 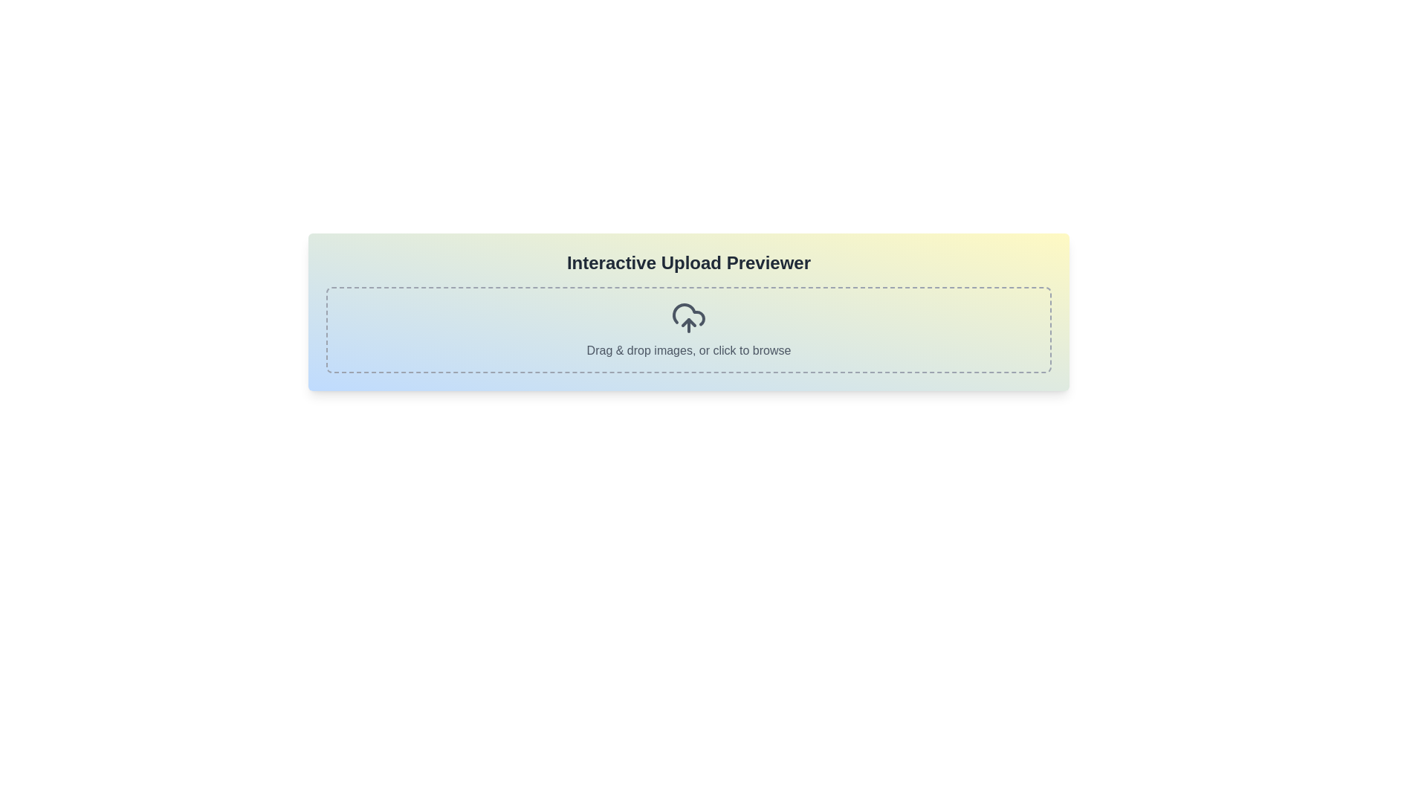 What do you see at coordinates (687, 317) in the screenshot?
I see `the outlined cloud icon with an upward-pointing arrow, which represents the 'upload' action, located centrally within the dashed border box` at bounding box center [687, 317].